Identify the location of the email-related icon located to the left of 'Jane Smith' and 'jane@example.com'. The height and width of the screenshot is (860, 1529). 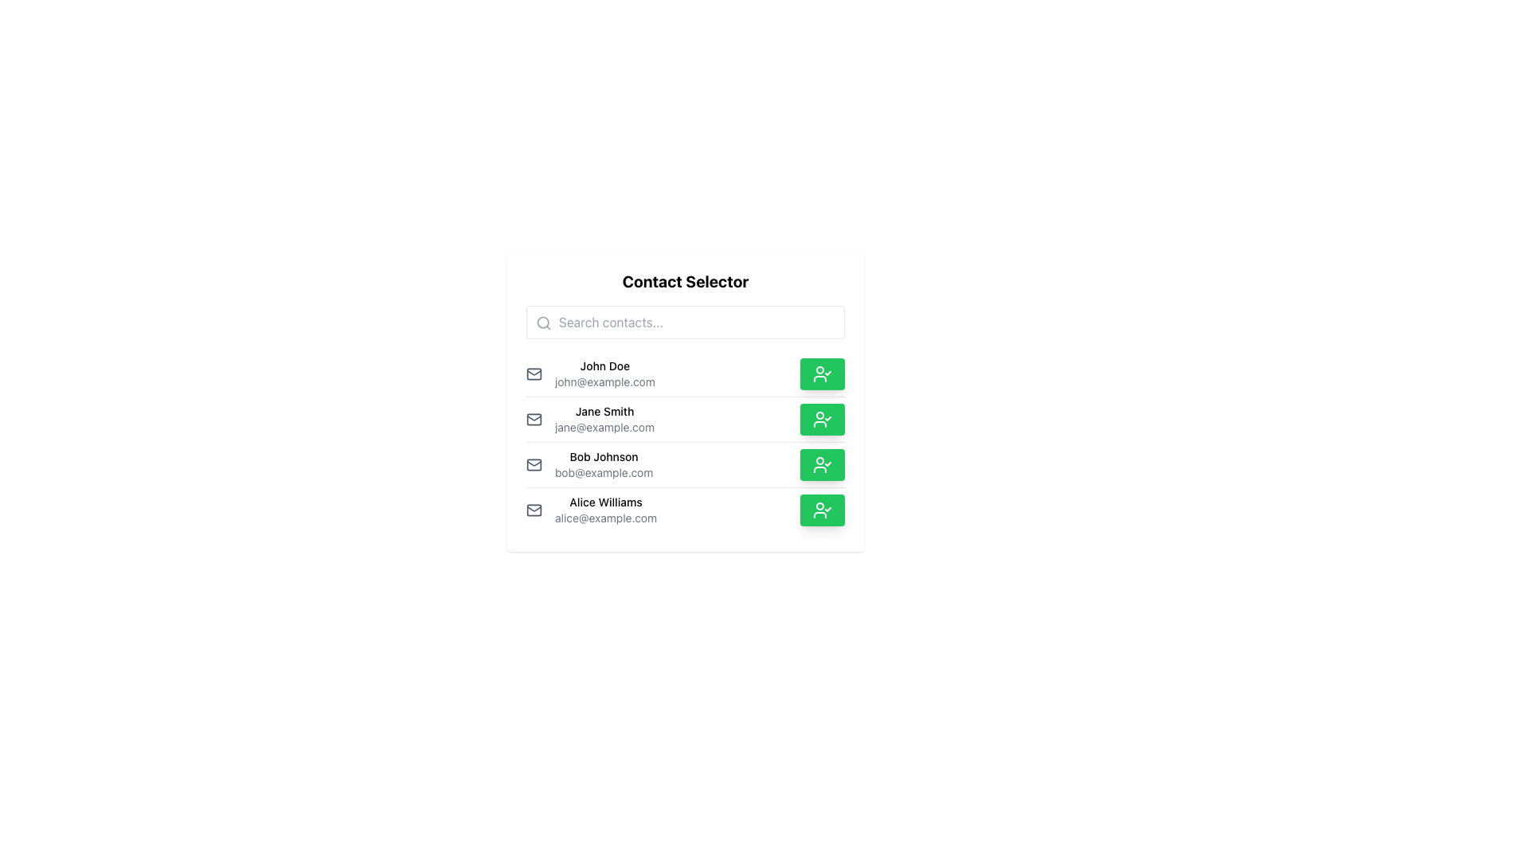
(534, 419).